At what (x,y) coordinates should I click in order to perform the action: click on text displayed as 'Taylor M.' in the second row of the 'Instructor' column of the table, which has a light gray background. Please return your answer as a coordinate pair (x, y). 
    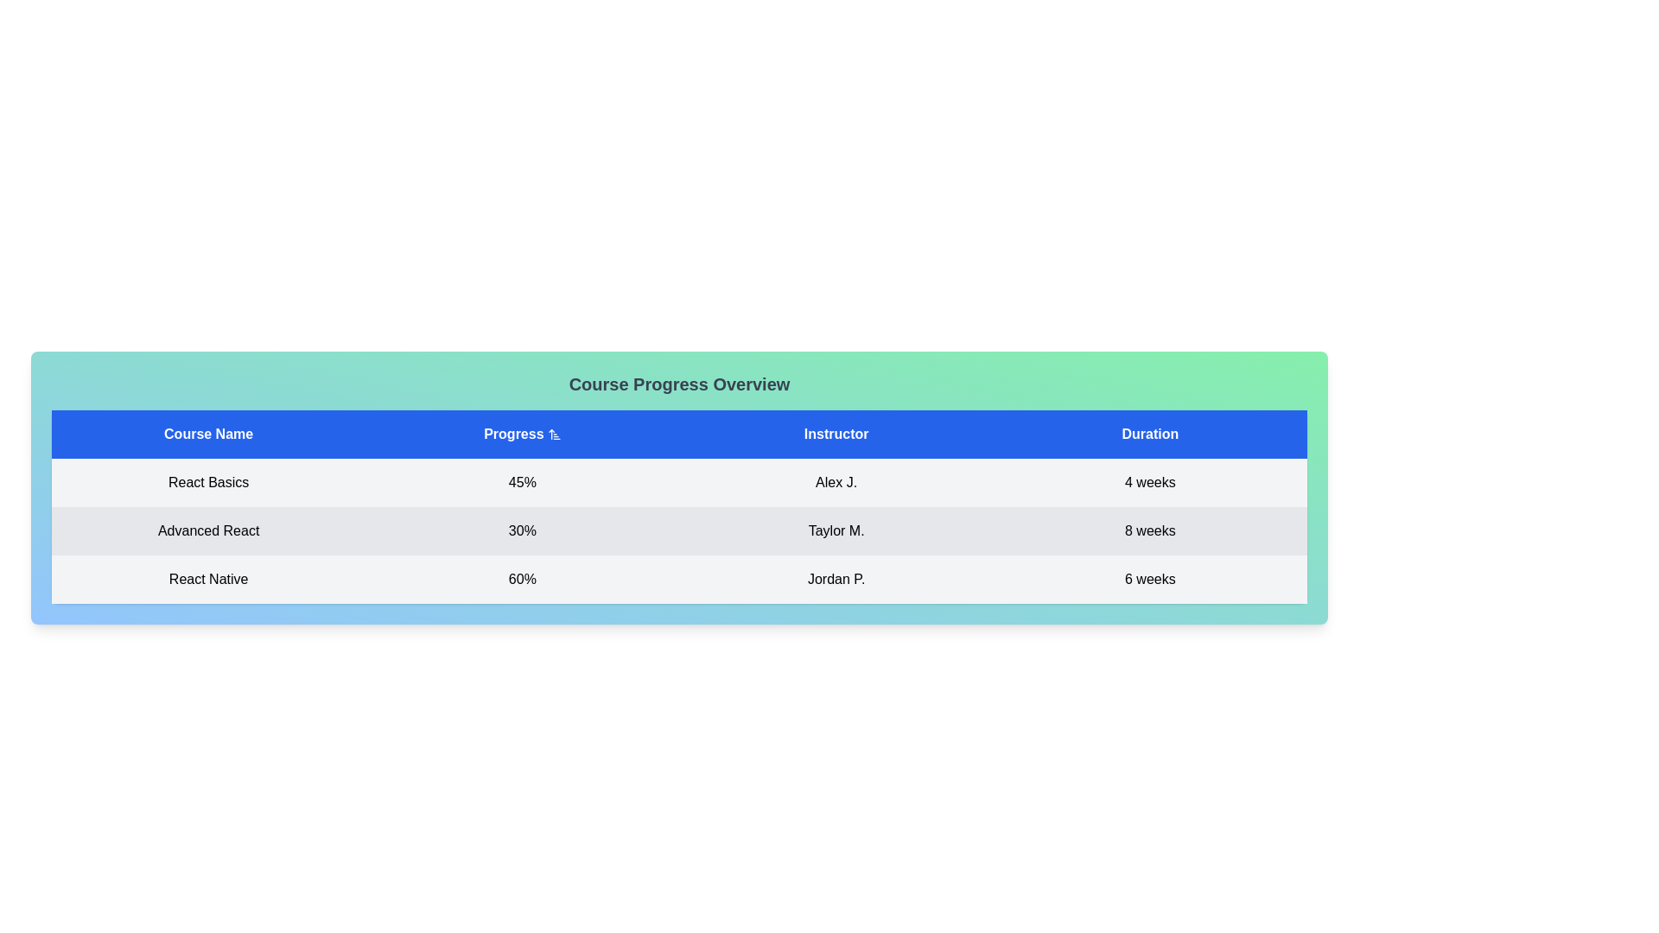
    Looking at the image, I should click on (836, 530).